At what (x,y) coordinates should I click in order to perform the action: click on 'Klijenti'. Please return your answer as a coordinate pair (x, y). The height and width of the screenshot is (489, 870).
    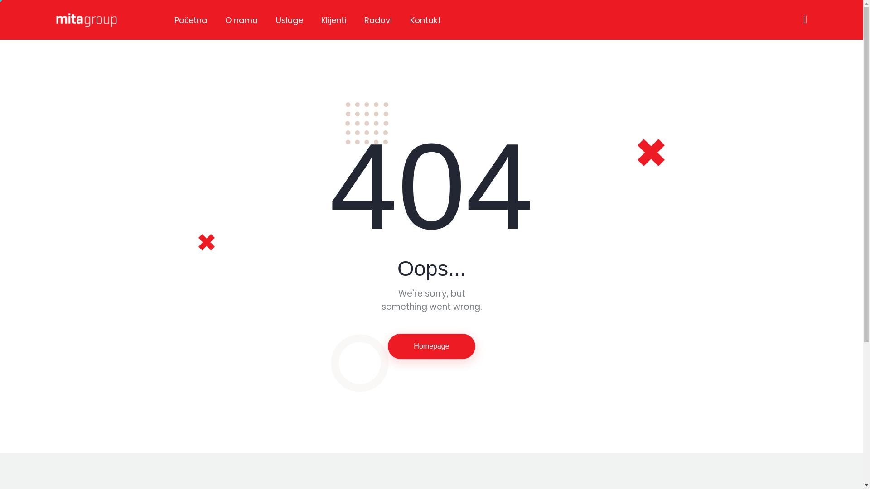
    Looking at the image, I should click on (333, 20).